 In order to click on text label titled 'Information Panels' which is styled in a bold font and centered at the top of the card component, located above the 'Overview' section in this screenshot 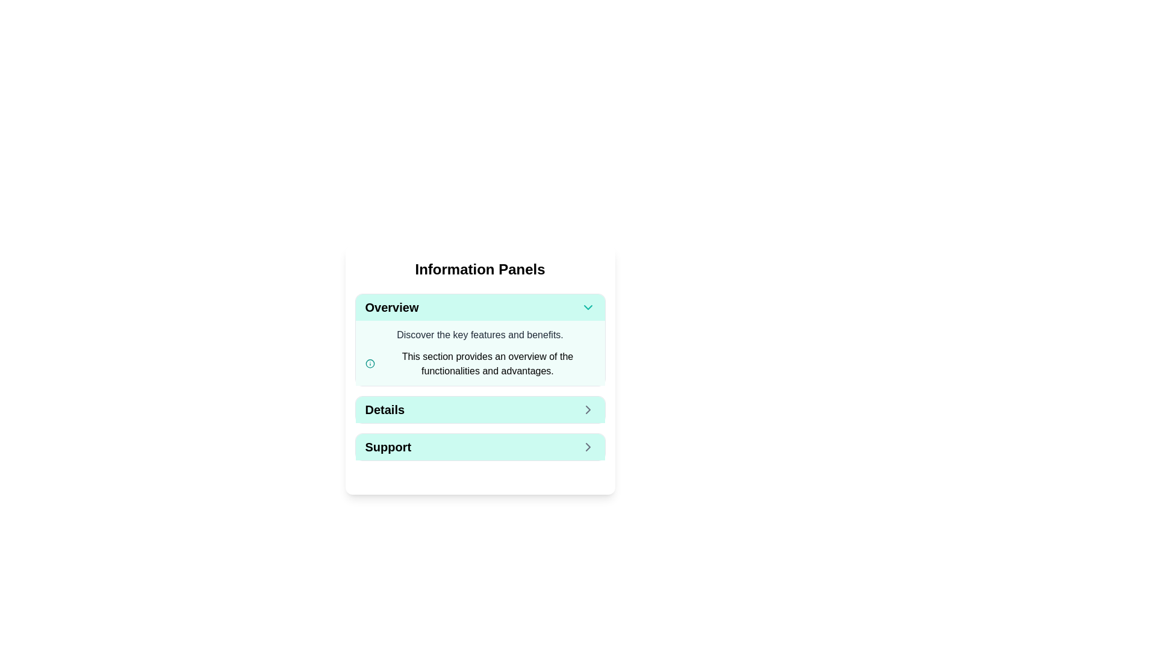, I will do `click(479, 268)`.